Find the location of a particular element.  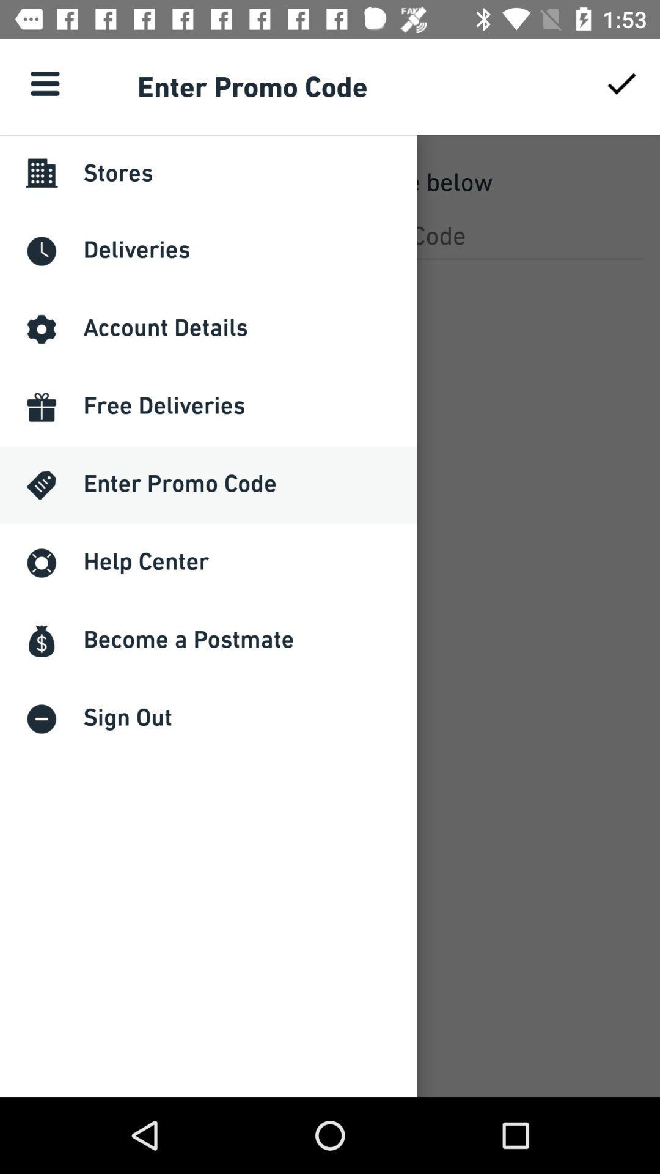

deliveries is located at coordinates (330, 235).